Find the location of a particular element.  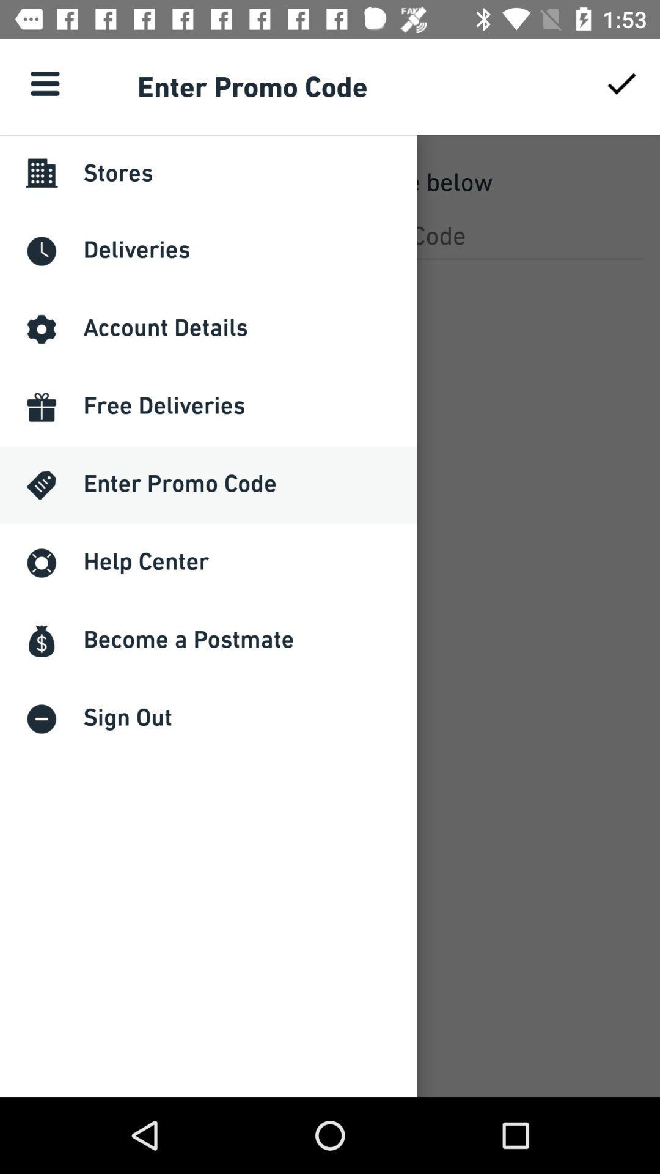

deliveries is located at coordinates (330, 235).